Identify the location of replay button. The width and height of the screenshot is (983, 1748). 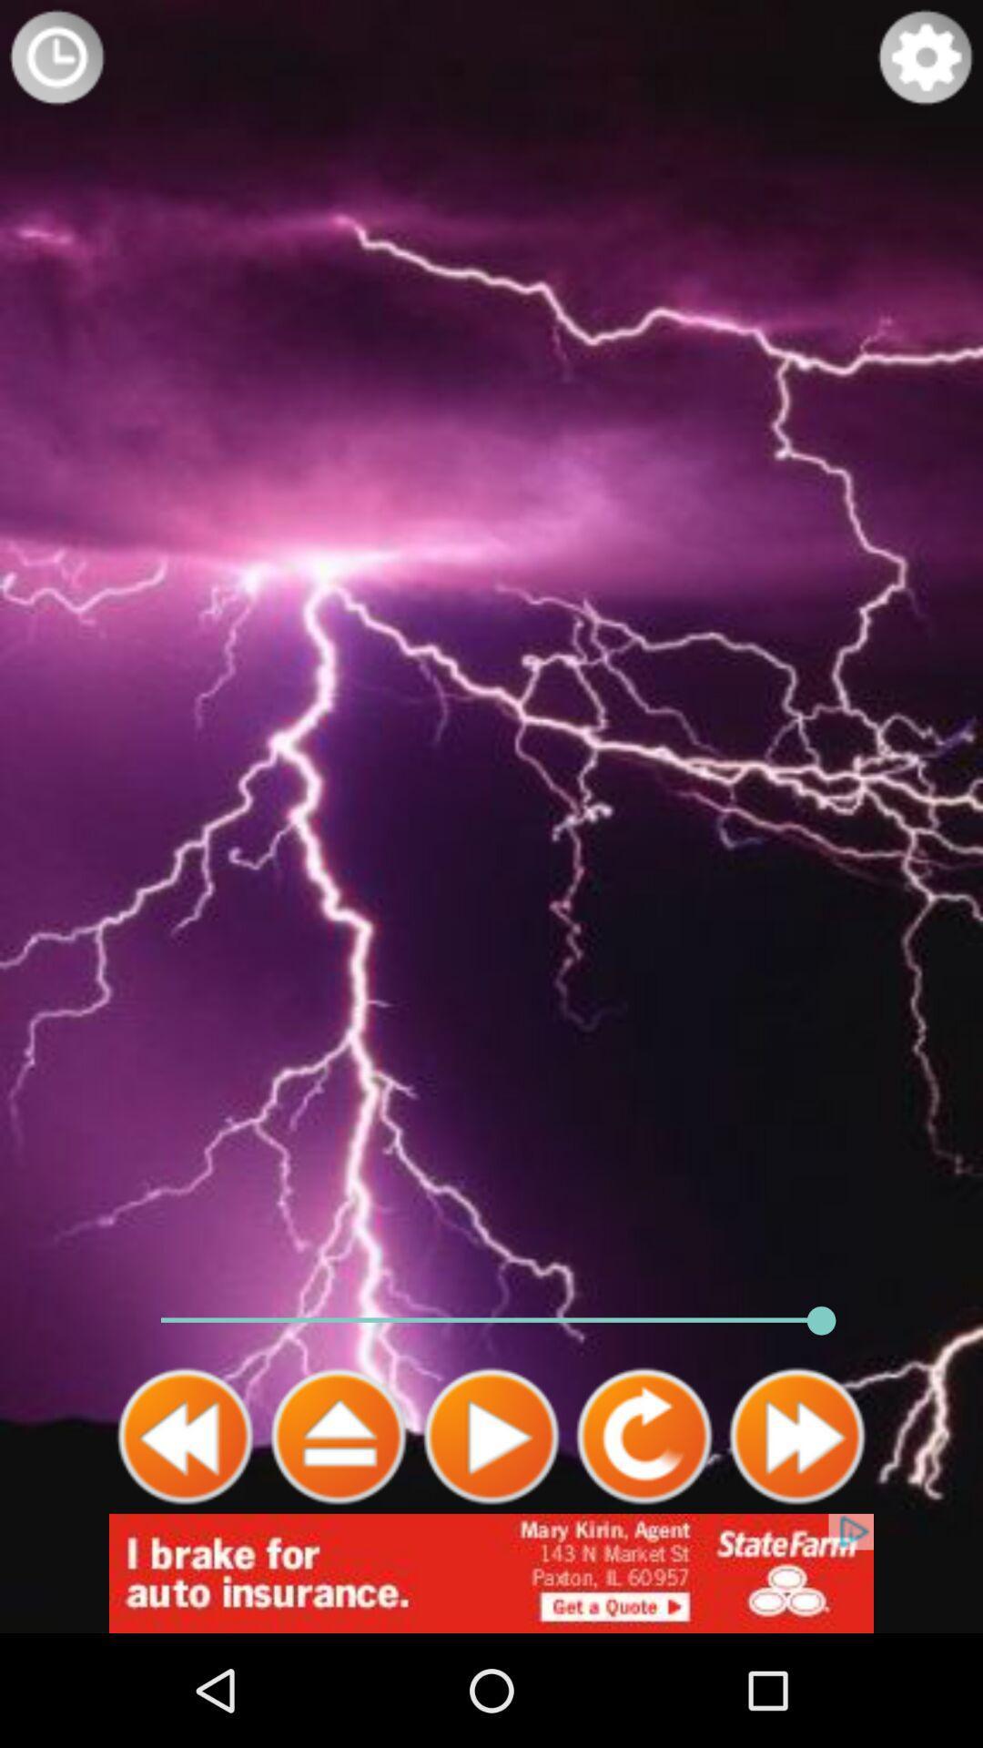
(644, 1436).